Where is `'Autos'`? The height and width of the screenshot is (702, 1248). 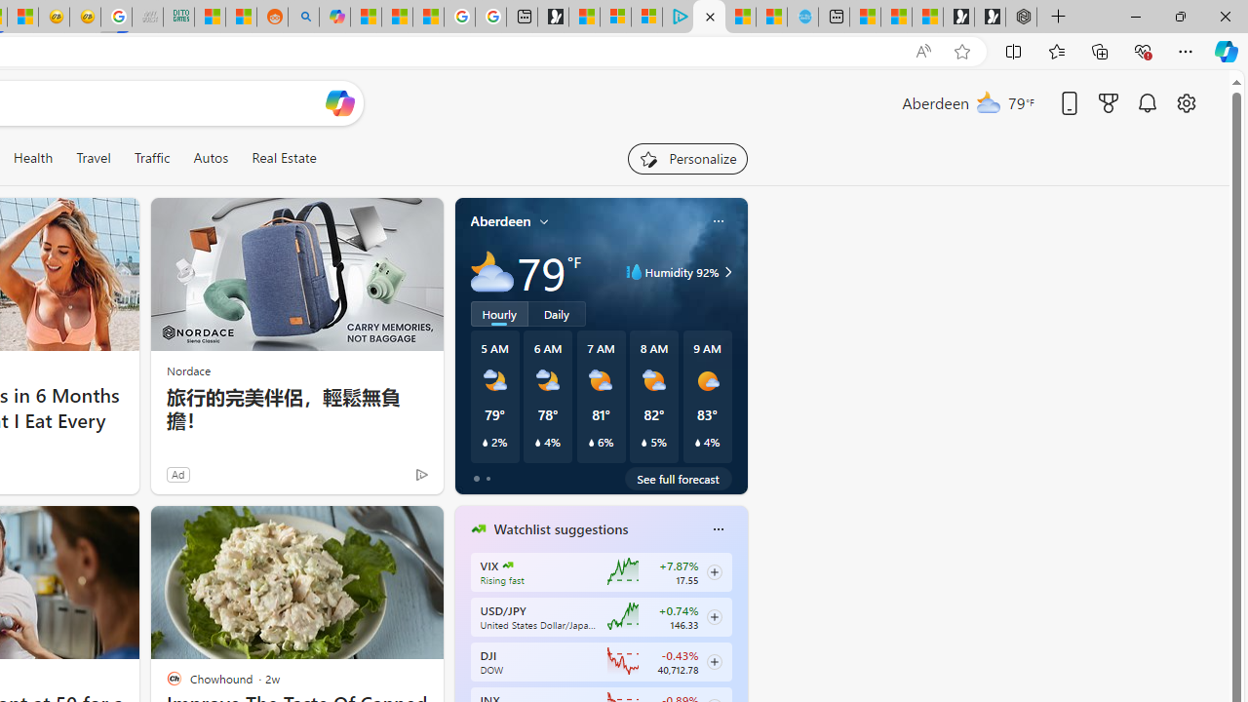
'Autos' is located at coordinates (211, 157).